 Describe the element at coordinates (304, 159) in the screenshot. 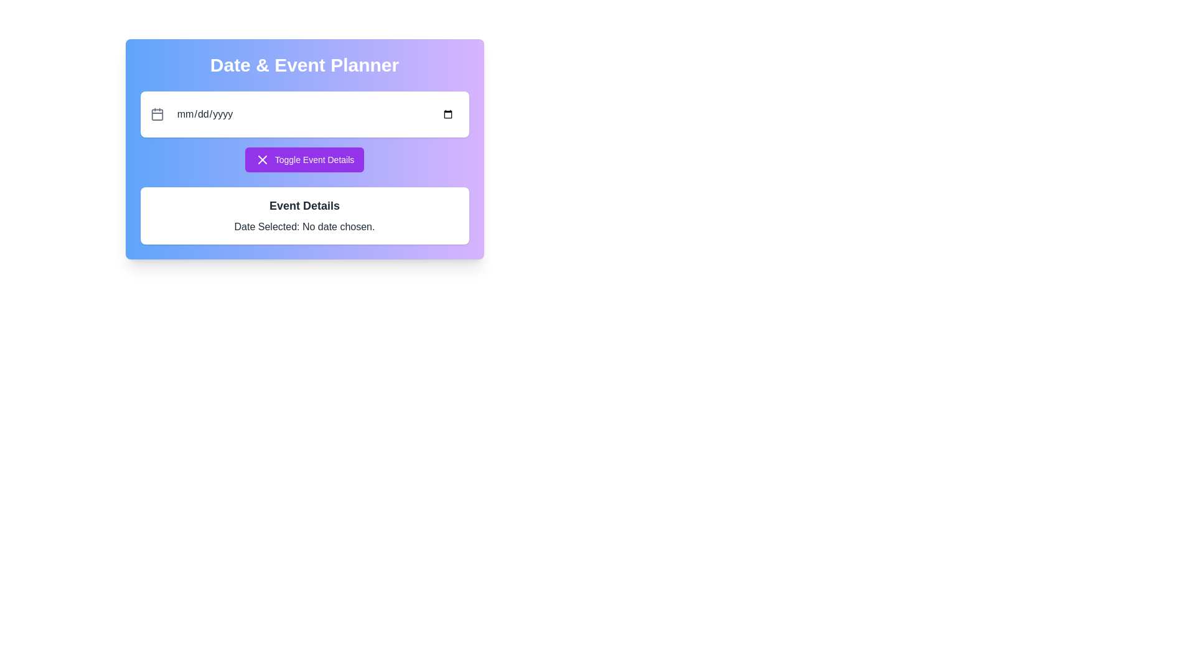

I see `the 'Toggle Event Details' button with a purple background for accessibility navigation` at that location.